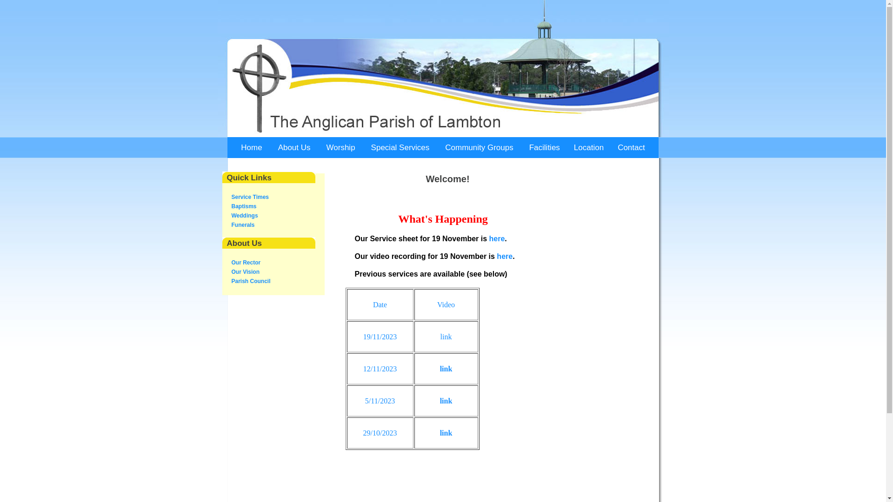  I want to click on 'Service Times', so click(250, 197).